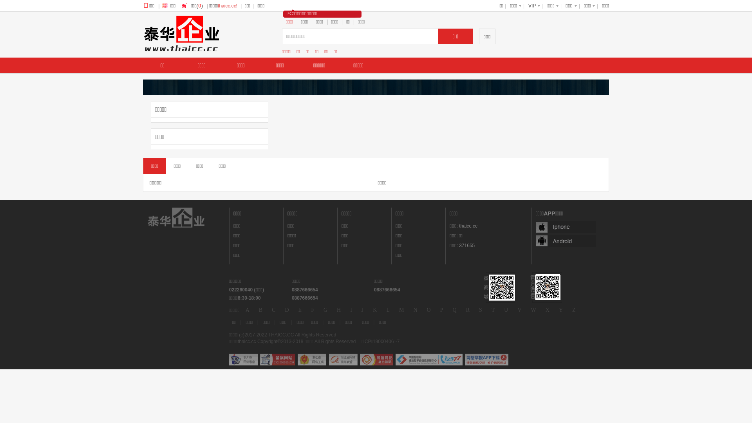 The width and height of the screenshot is (752, 423). I want to click on 'W', so click(533, 309).